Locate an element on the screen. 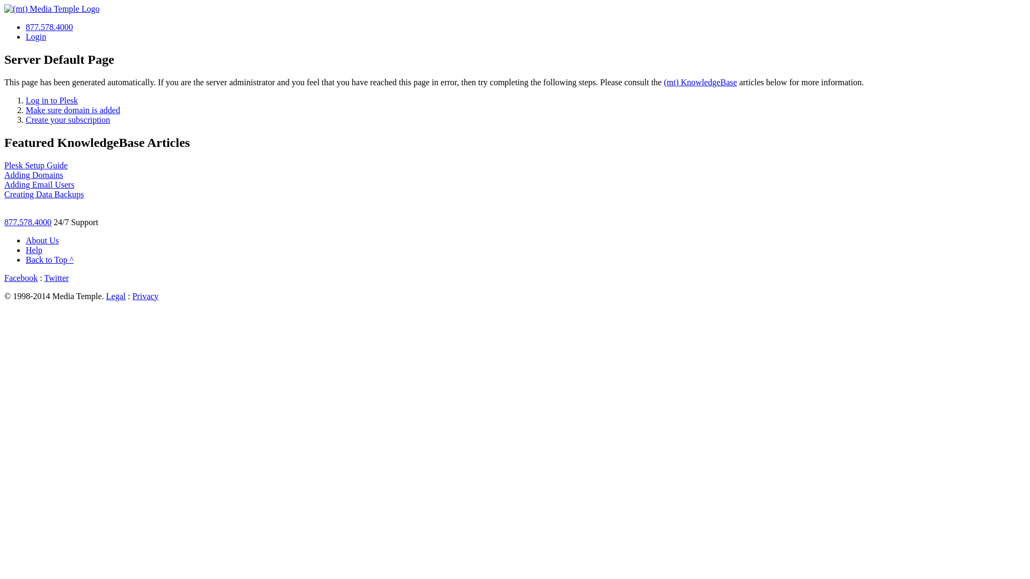 Image resolution: width=1030 pixels, height=579 pixels. 'Twitter' is located at coordinates (56, 277).